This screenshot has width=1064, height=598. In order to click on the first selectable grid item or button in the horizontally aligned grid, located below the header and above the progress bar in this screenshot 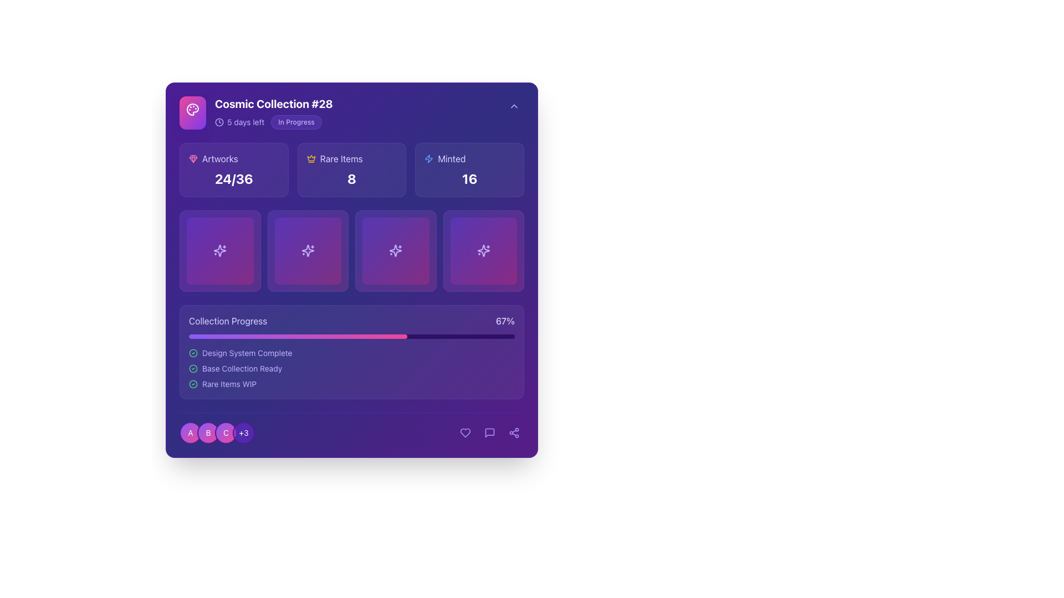, I will do `click(220, 251)`.